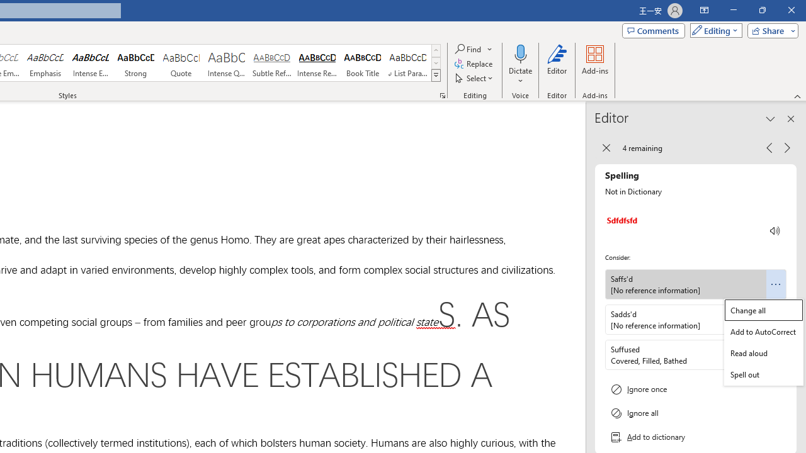  I want to click on 'Emphasis', so click(45, 63).